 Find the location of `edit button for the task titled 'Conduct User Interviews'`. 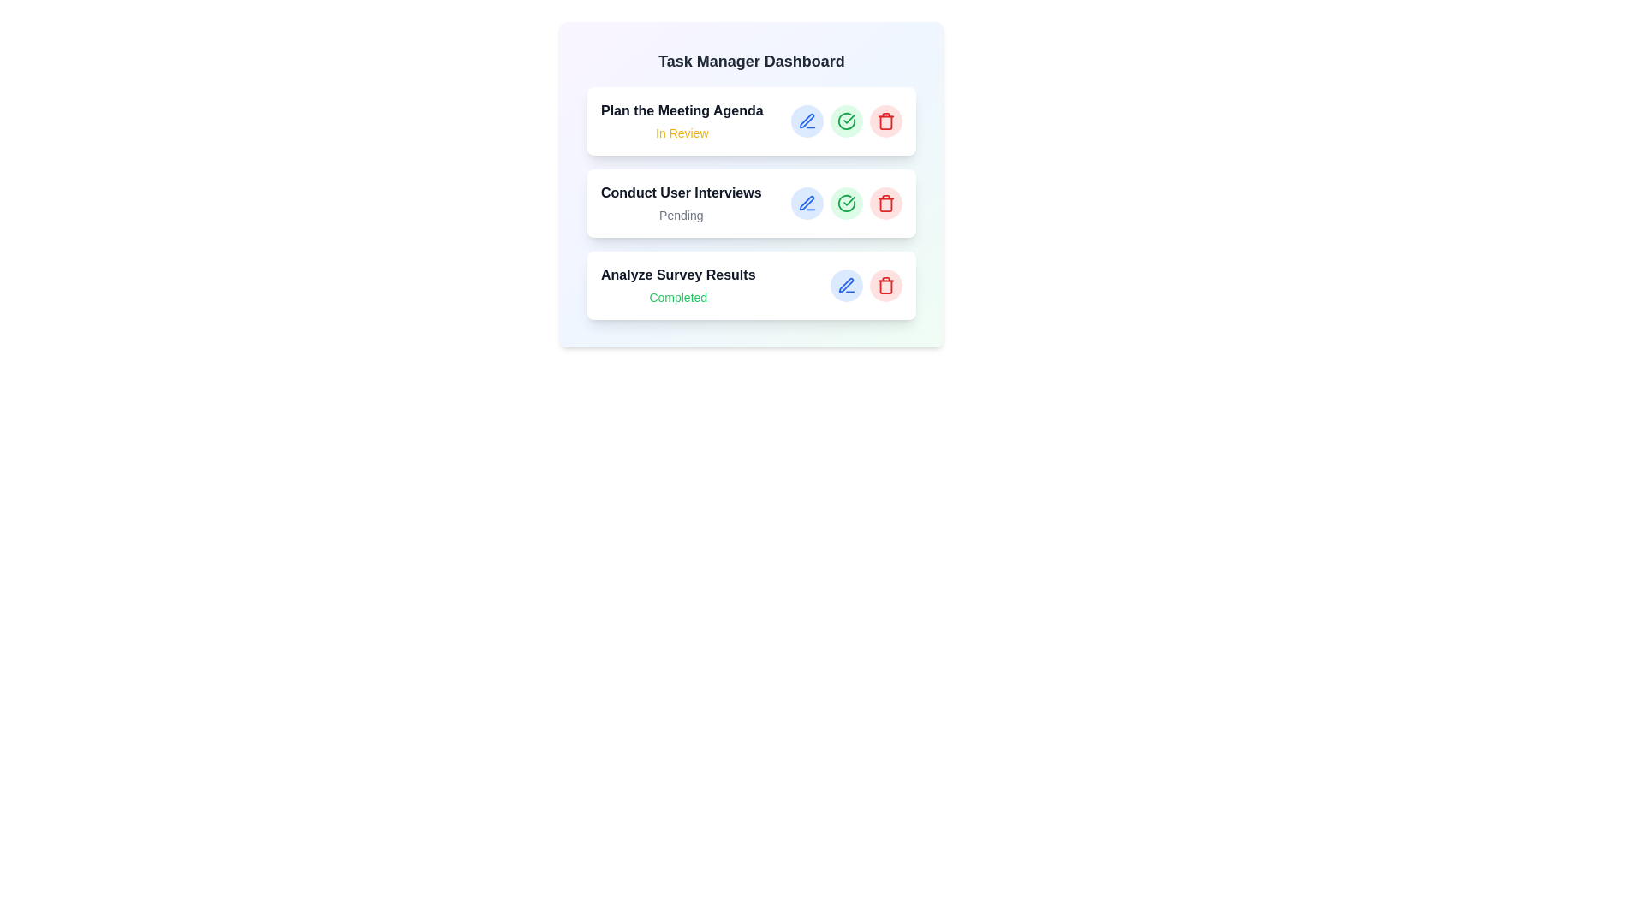

edit button for the task titled 'Conduct User Interviews' is located at coordinates (806, 203).